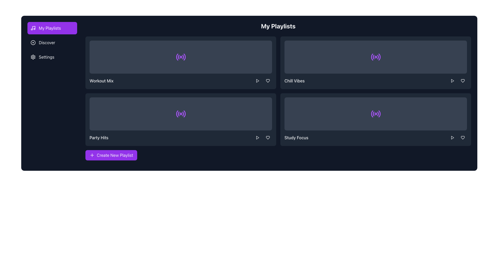  I want to click on the favorite button located in the bottom right corner of the 'Study Focus' playlist card, so click(463, 137).